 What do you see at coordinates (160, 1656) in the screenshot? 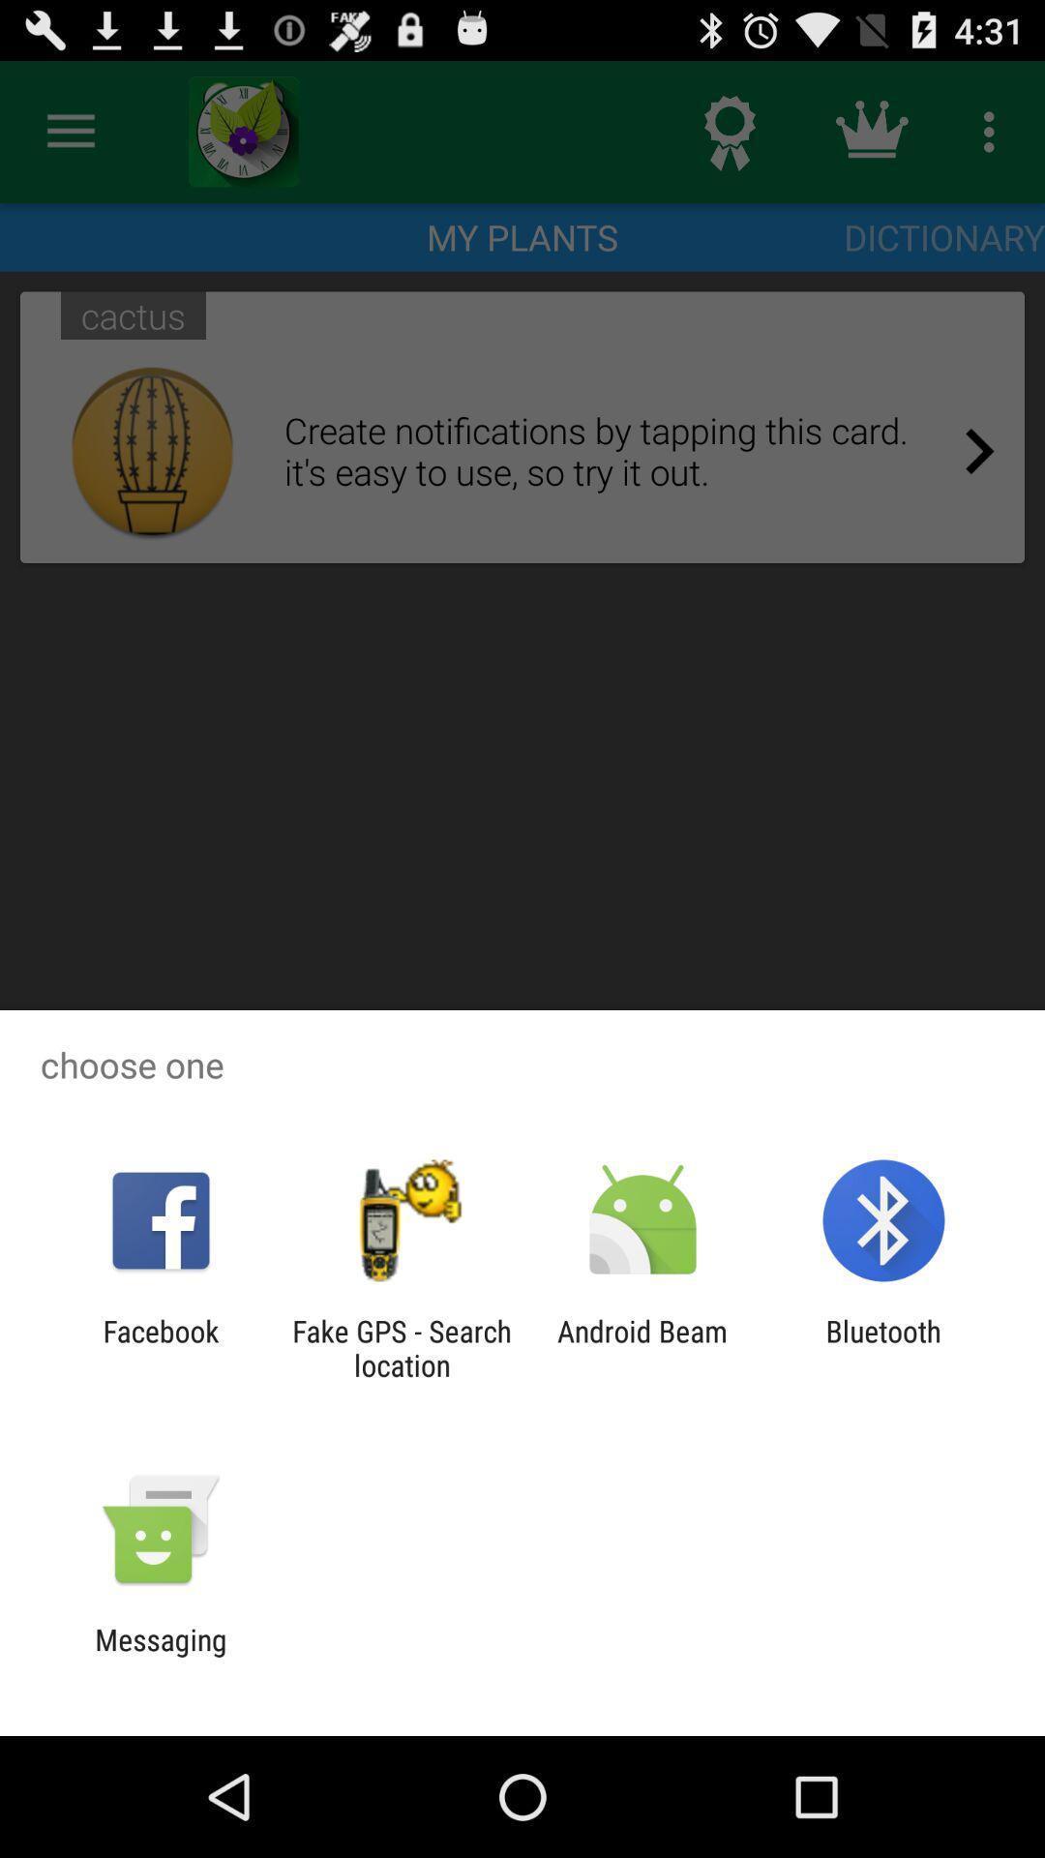
I see `messaging` at bounding box center [160, 1656].